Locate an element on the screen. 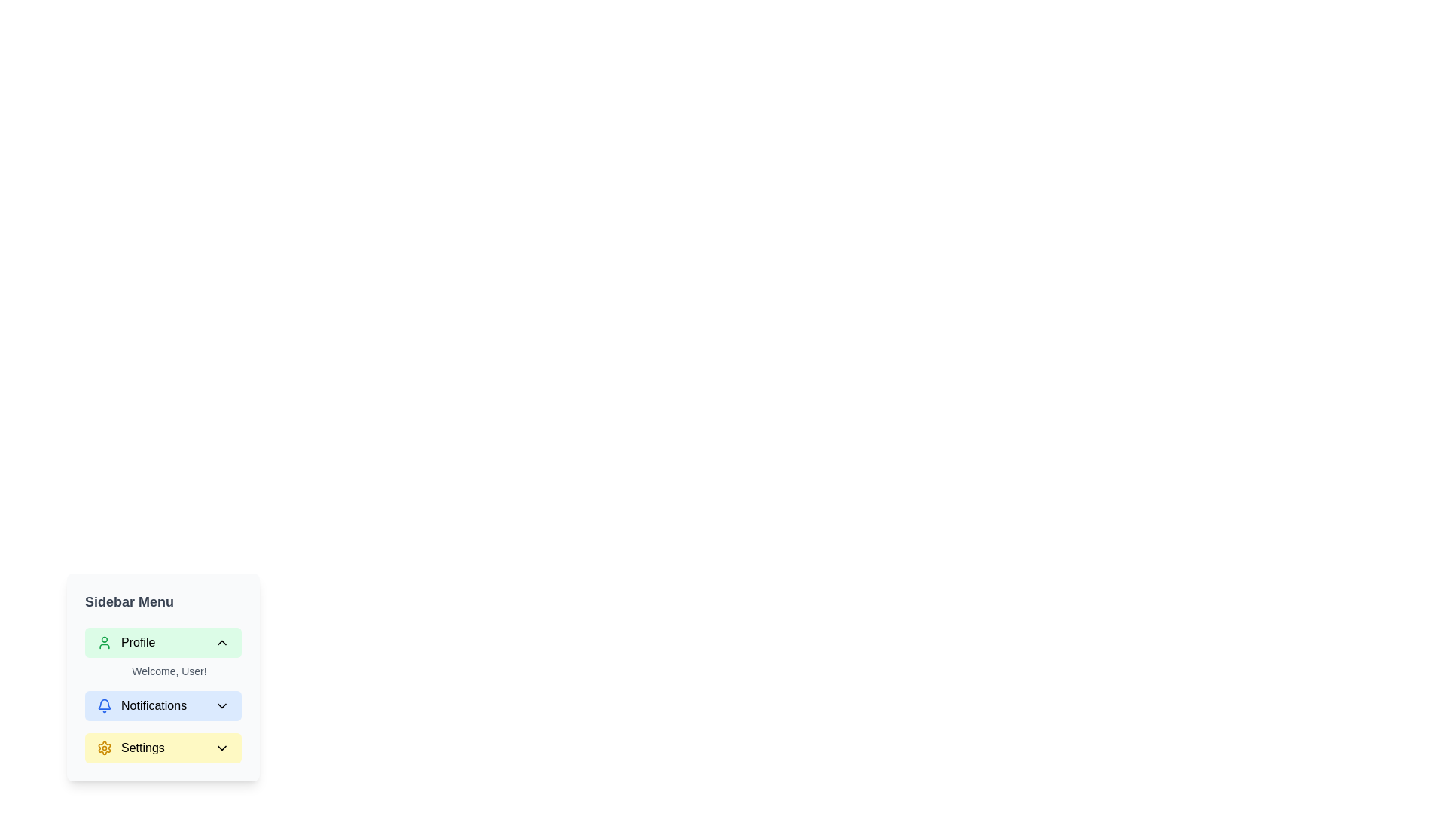 The width and height of the screenshot is (1446, 813). the 'Settings' icon located to the left of the 'Settings' text in the sidebar menu is located at coordinates (104, 748).